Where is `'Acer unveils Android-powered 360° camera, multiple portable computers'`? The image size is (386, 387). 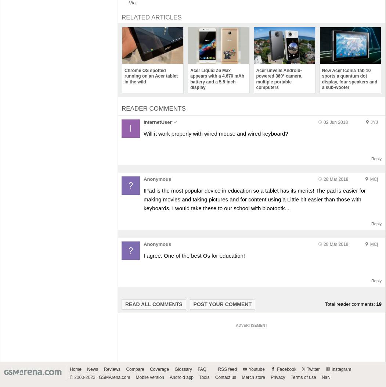
'Acer unveils Android-powered 360° camera, multiple portable computers' is located at coordinates (279, 79).